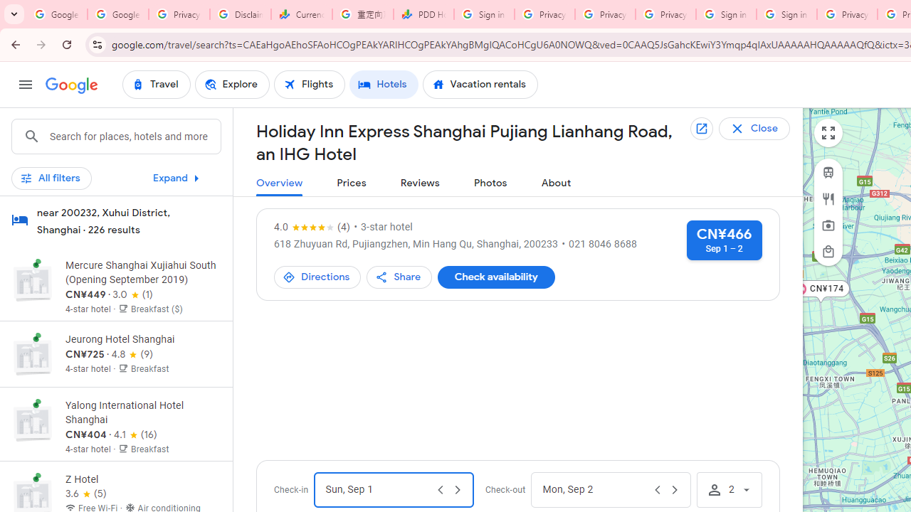  What do you see at coordinates (132, 294) in the screenshot?
I see `'3 out of 5 stars from 1 reviews'` at bounding box center [132, 294].